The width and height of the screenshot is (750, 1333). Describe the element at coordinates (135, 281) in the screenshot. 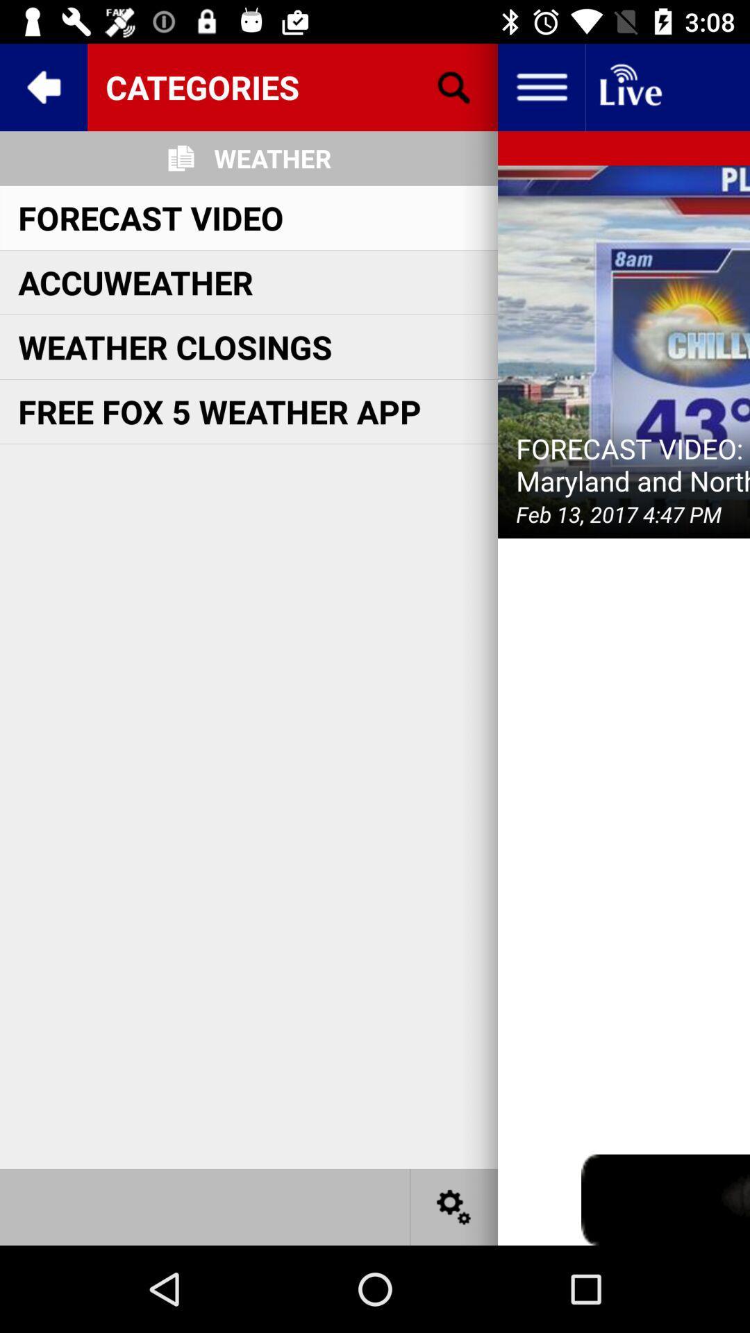

I see `the icon above weather closings item` at that location.